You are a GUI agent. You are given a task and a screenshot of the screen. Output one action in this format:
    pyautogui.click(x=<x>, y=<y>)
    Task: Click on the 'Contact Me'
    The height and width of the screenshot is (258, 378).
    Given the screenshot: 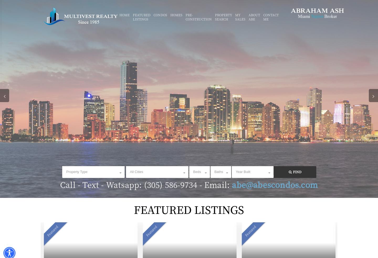 What is the action you would take?
    pyautogui.click(x=271, y=17)
    